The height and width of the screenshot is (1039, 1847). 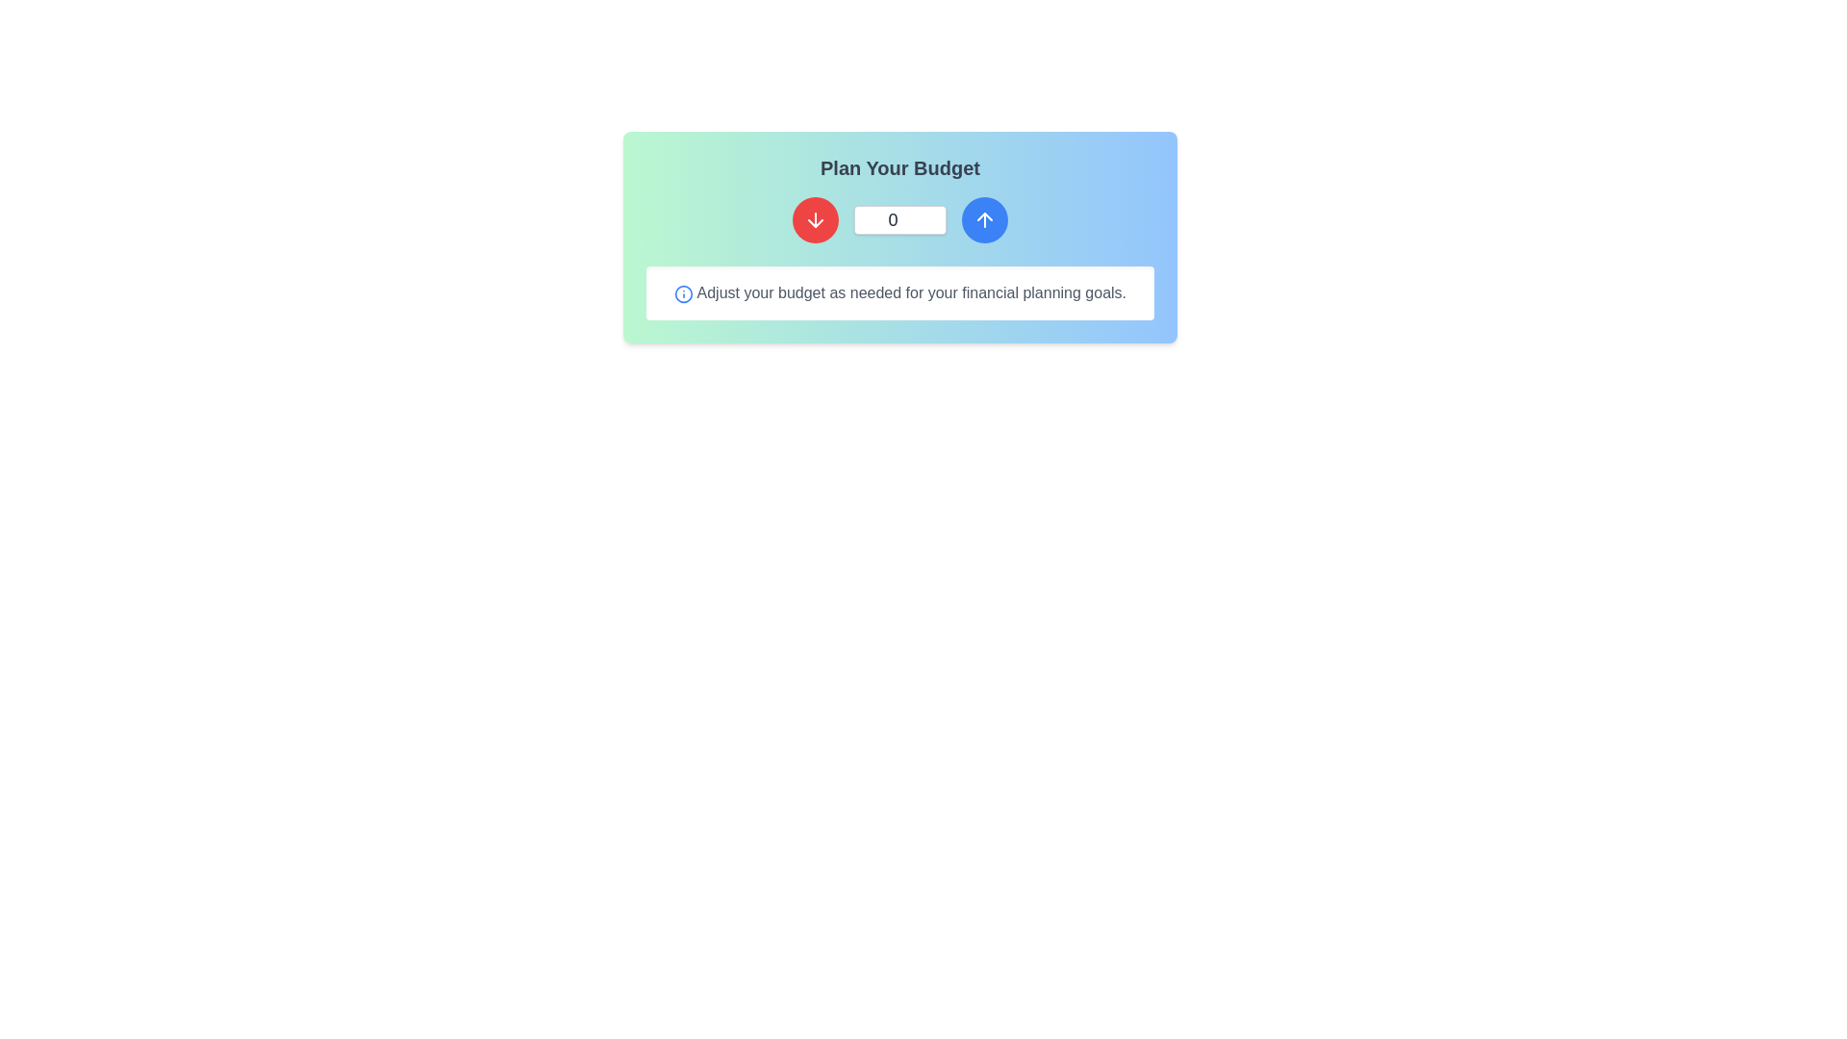 I want to click on the decrement button, which is represented by a downward arrow and is the first element in its horizontal layout group containing a numeric input and a blue button, so click(x=816, y=218).